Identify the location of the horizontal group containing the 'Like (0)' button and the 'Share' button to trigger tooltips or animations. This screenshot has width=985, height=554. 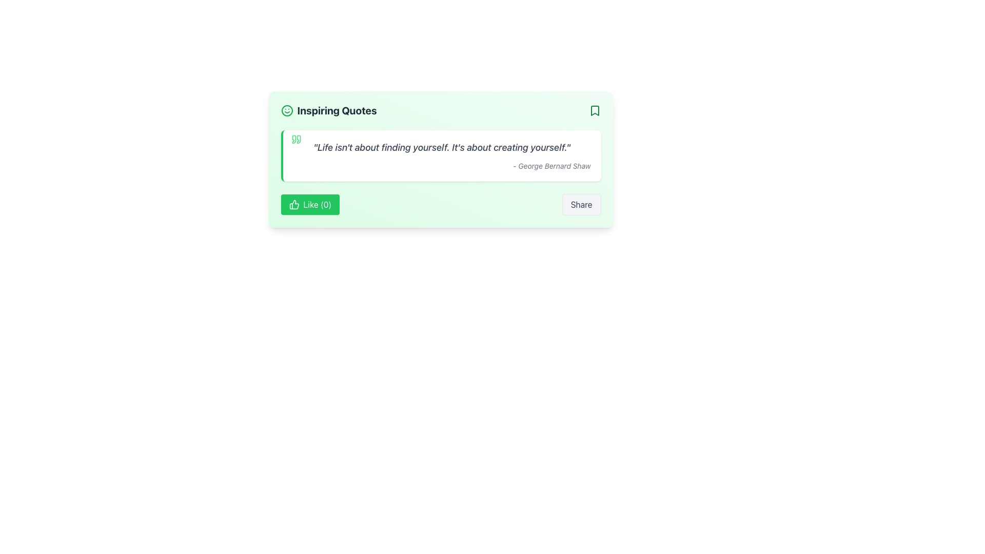
(441, 204).